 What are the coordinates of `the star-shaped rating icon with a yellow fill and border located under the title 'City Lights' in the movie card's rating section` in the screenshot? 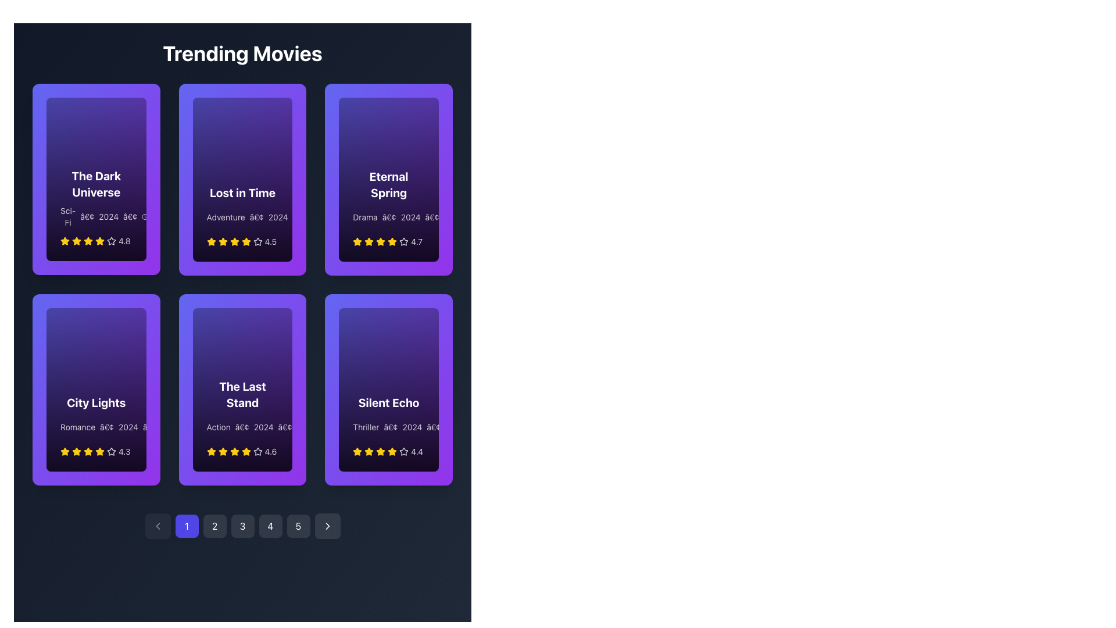 It's located at (100, 451).